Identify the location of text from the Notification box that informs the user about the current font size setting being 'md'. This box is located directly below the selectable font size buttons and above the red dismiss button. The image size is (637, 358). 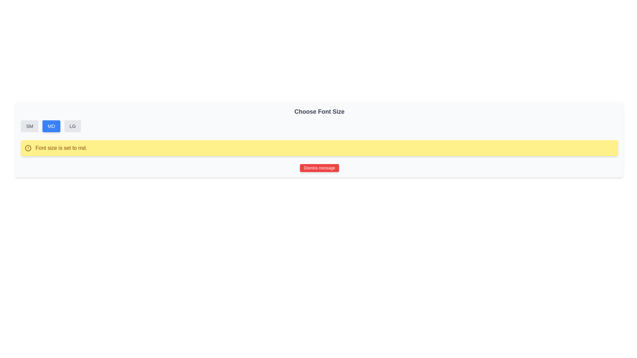
(319, 148).